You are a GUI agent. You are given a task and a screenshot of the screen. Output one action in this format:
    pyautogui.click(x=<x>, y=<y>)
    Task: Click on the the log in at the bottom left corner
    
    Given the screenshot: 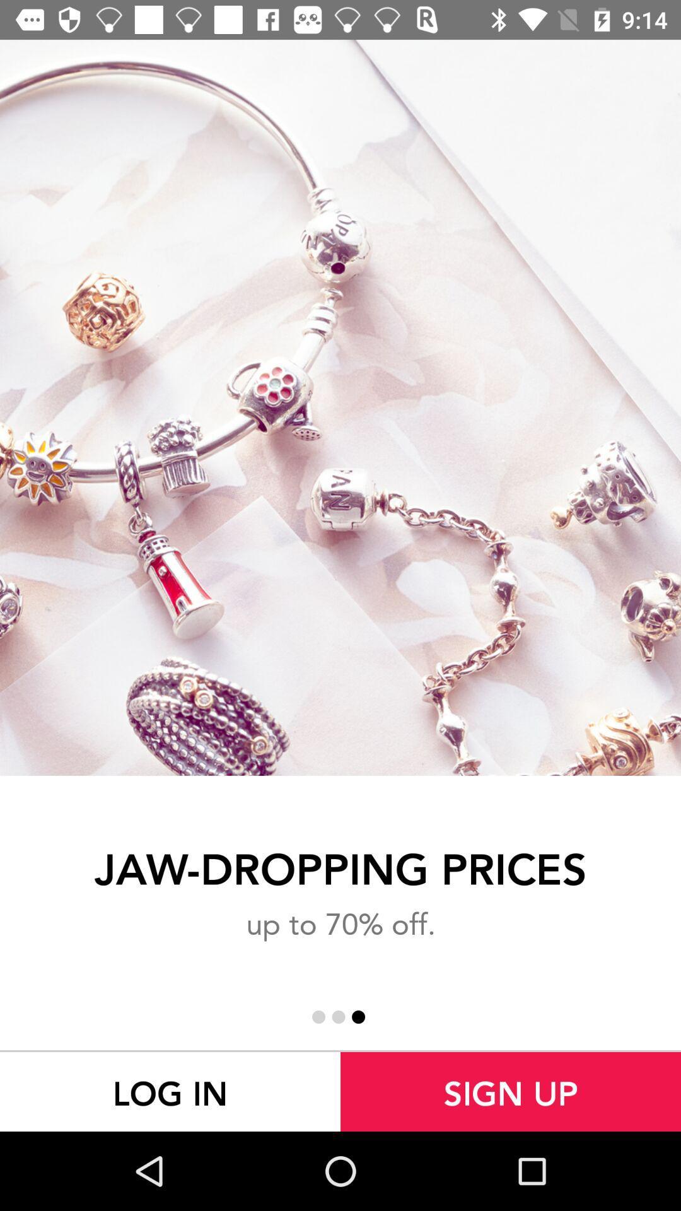 What is the action you would take?
    pyautogui.click(x=170, y=1091)
    